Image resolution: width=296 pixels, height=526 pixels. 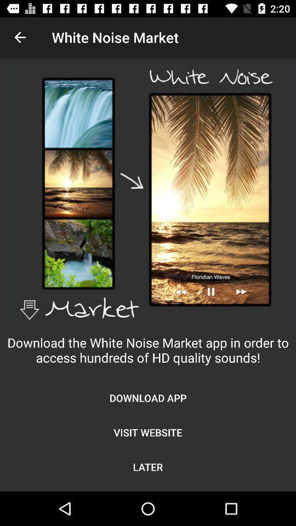 What do you see at coordinates (148, 432) in the screenshot?
I see `item above later icon` at bounding box center [148, 432].